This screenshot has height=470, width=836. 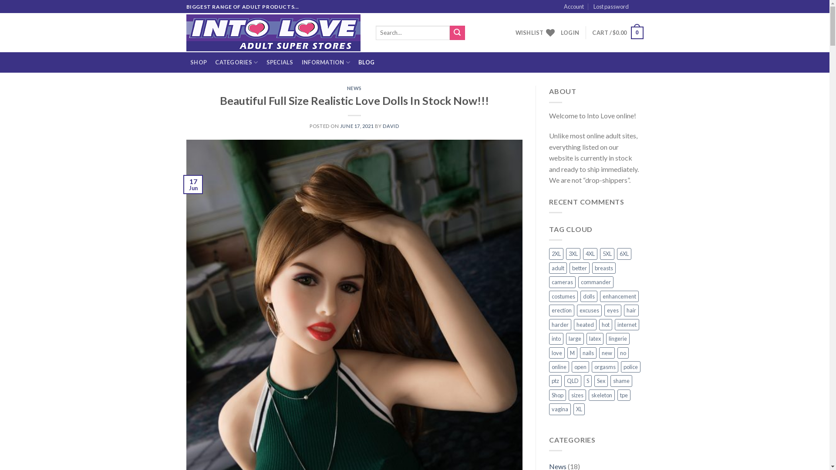 I want to click on 'eyes', so click(x=612, y=310).